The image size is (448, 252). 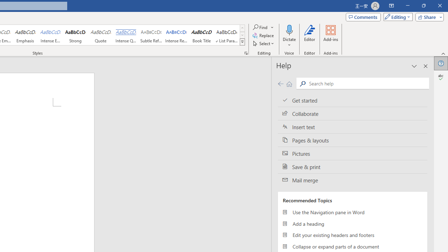 I want to click on 'Subtle Reference', so click(x=151, y=35).